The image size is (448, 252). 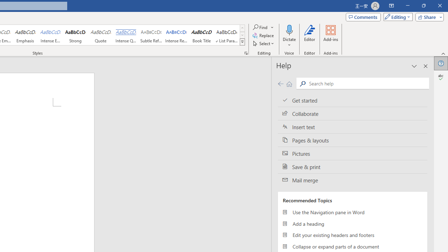 I want to click on 'Subtle Reference', so click(x=151, y=35).